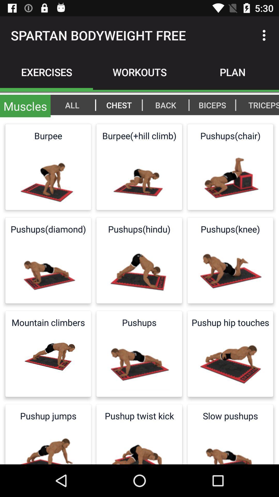 This screenshot has width=279, height=497. I want to click on the biceps item, so click(212, 105).